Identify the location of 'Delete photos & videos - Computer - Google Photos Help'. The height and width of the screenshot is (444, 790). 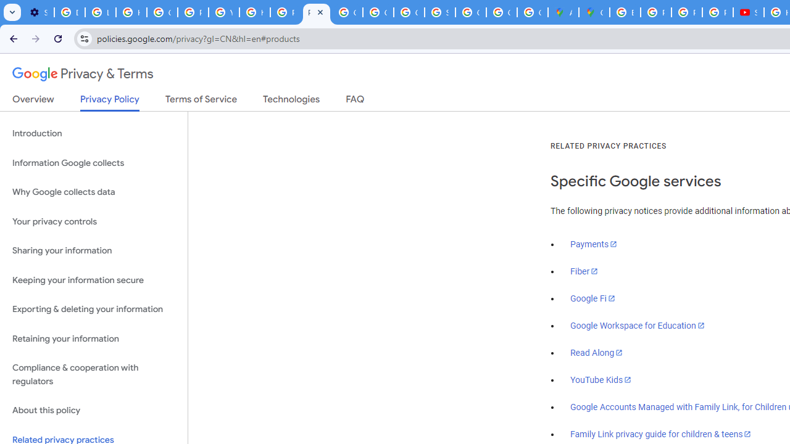
(69, 12).